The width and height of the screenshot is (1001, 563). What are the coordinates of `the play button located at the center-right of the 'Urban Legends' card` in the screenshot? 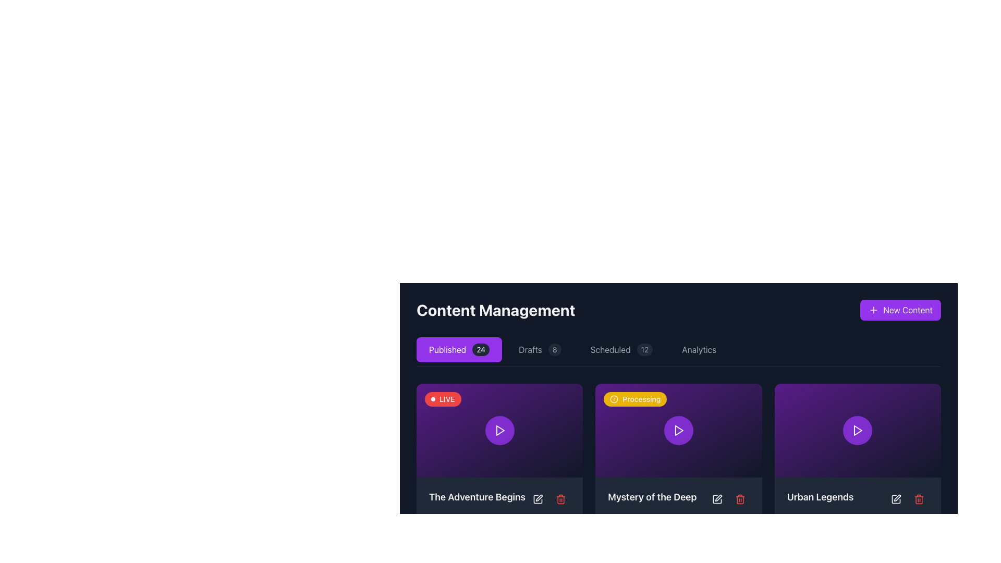 It's located at (858, 430).